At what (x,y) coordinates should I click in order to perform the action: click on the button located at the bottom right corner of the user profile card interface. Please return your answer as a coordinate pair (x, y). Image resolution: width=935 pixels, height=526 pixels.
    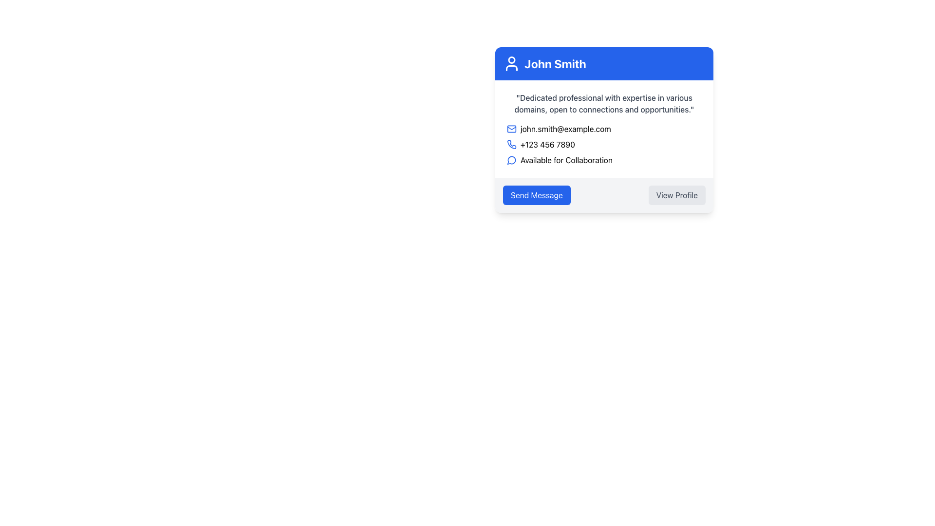
    Looking at the image, I should click on (676, 195).